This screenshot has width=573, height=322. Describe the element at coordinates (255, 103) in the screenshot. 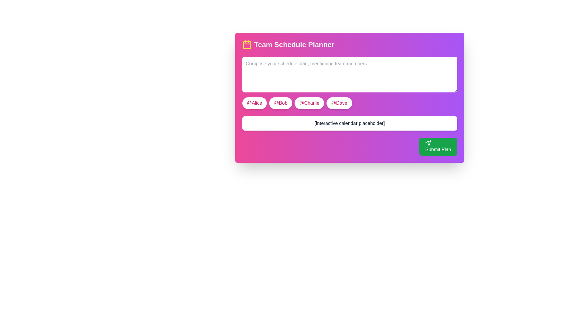

I see `the first button labeled '@Alice' in the horizontal row of user mention buttons` at that location.